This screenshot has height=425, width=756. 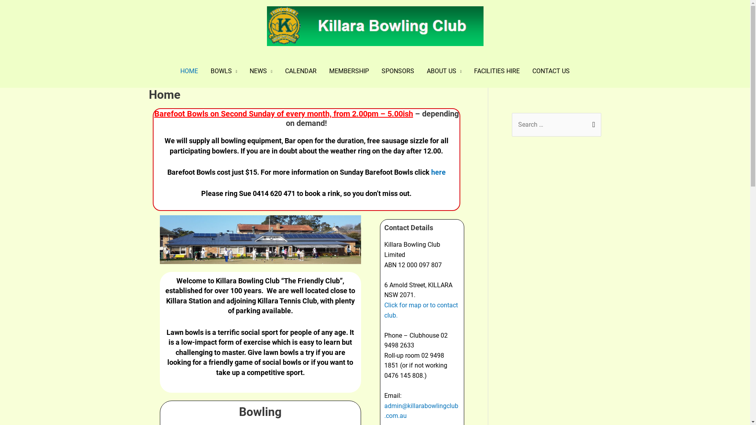 I want to click on 'here', so click(x=438, y=172).